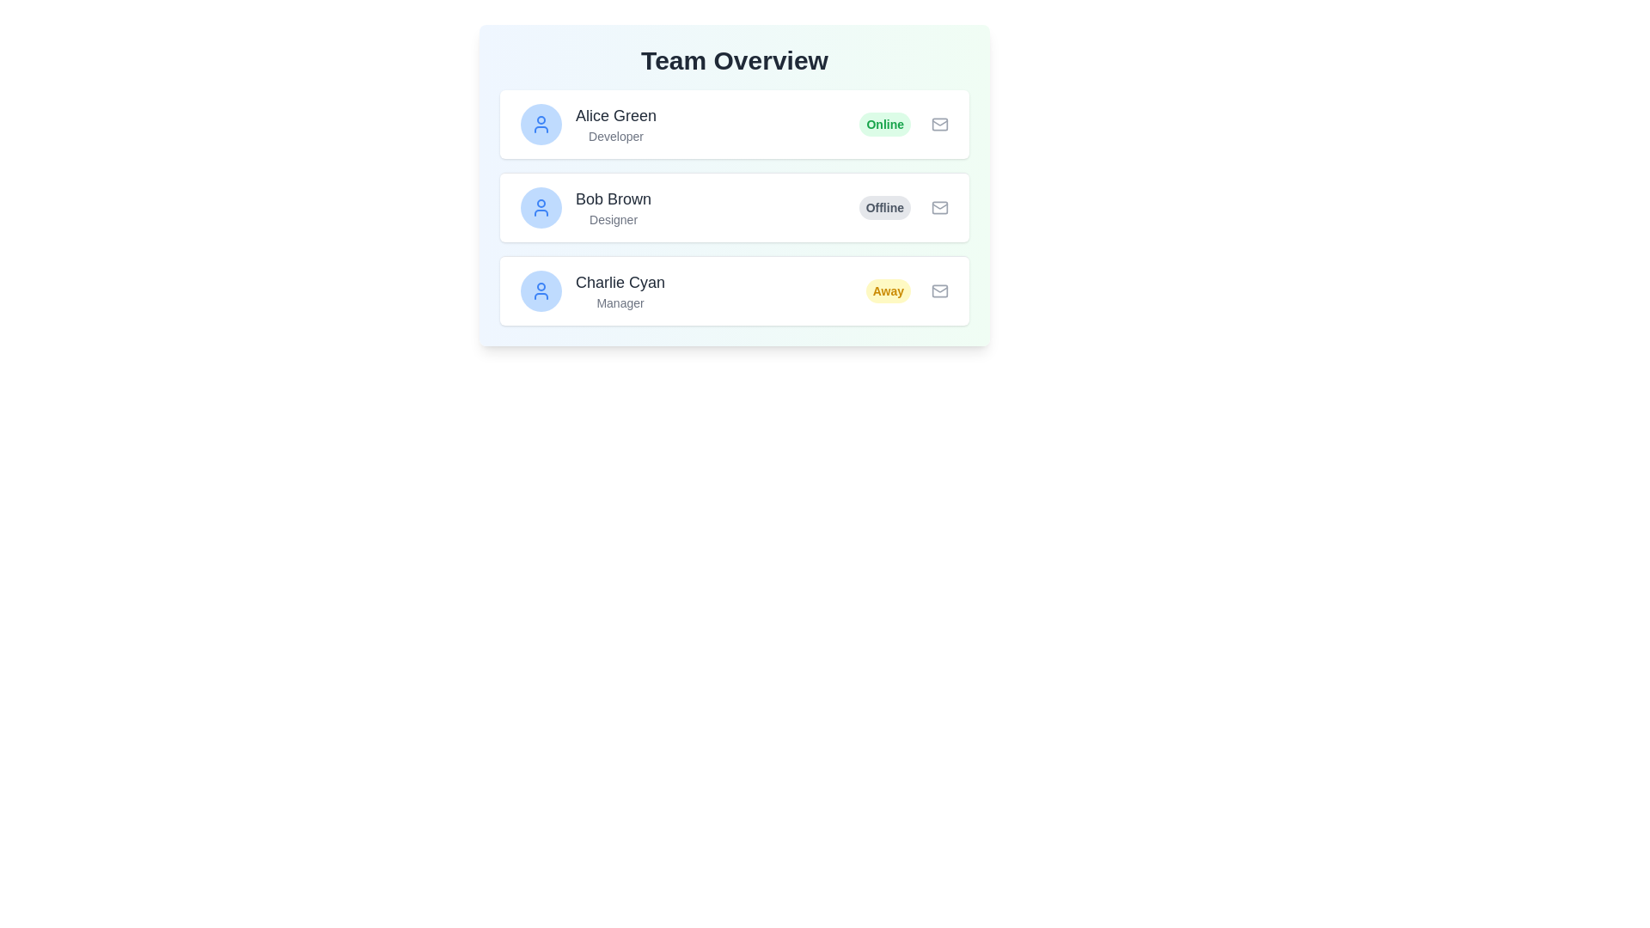  Describe the element at coordinates (615, 124) in the screenshot. I see `displayed text from the user profile element labeled 'Alice Green' with the title 'Developer' located in the first row of the Team Overview section` at that location.